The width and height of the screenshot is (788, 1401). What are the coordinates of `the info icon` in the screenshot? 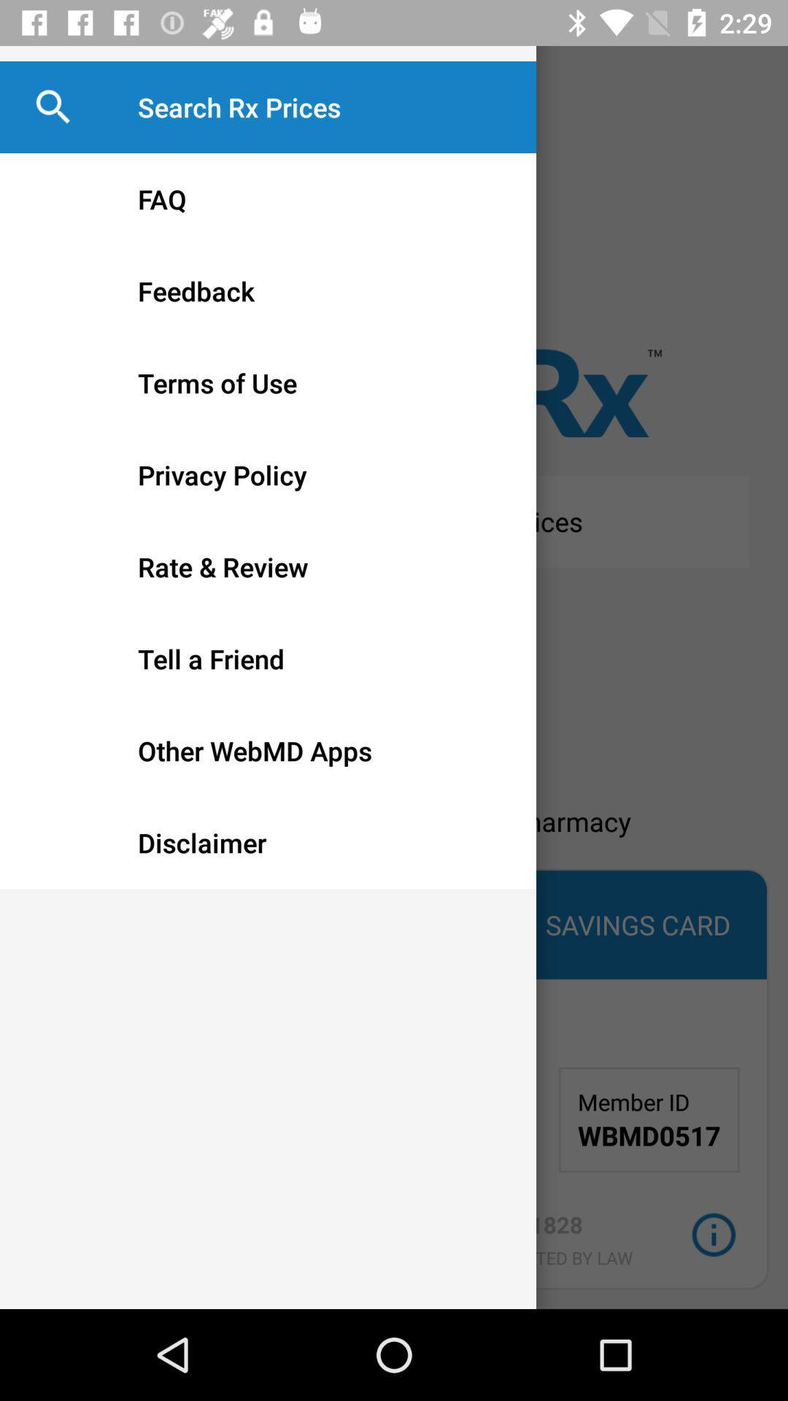 It's located at (713, 1234).